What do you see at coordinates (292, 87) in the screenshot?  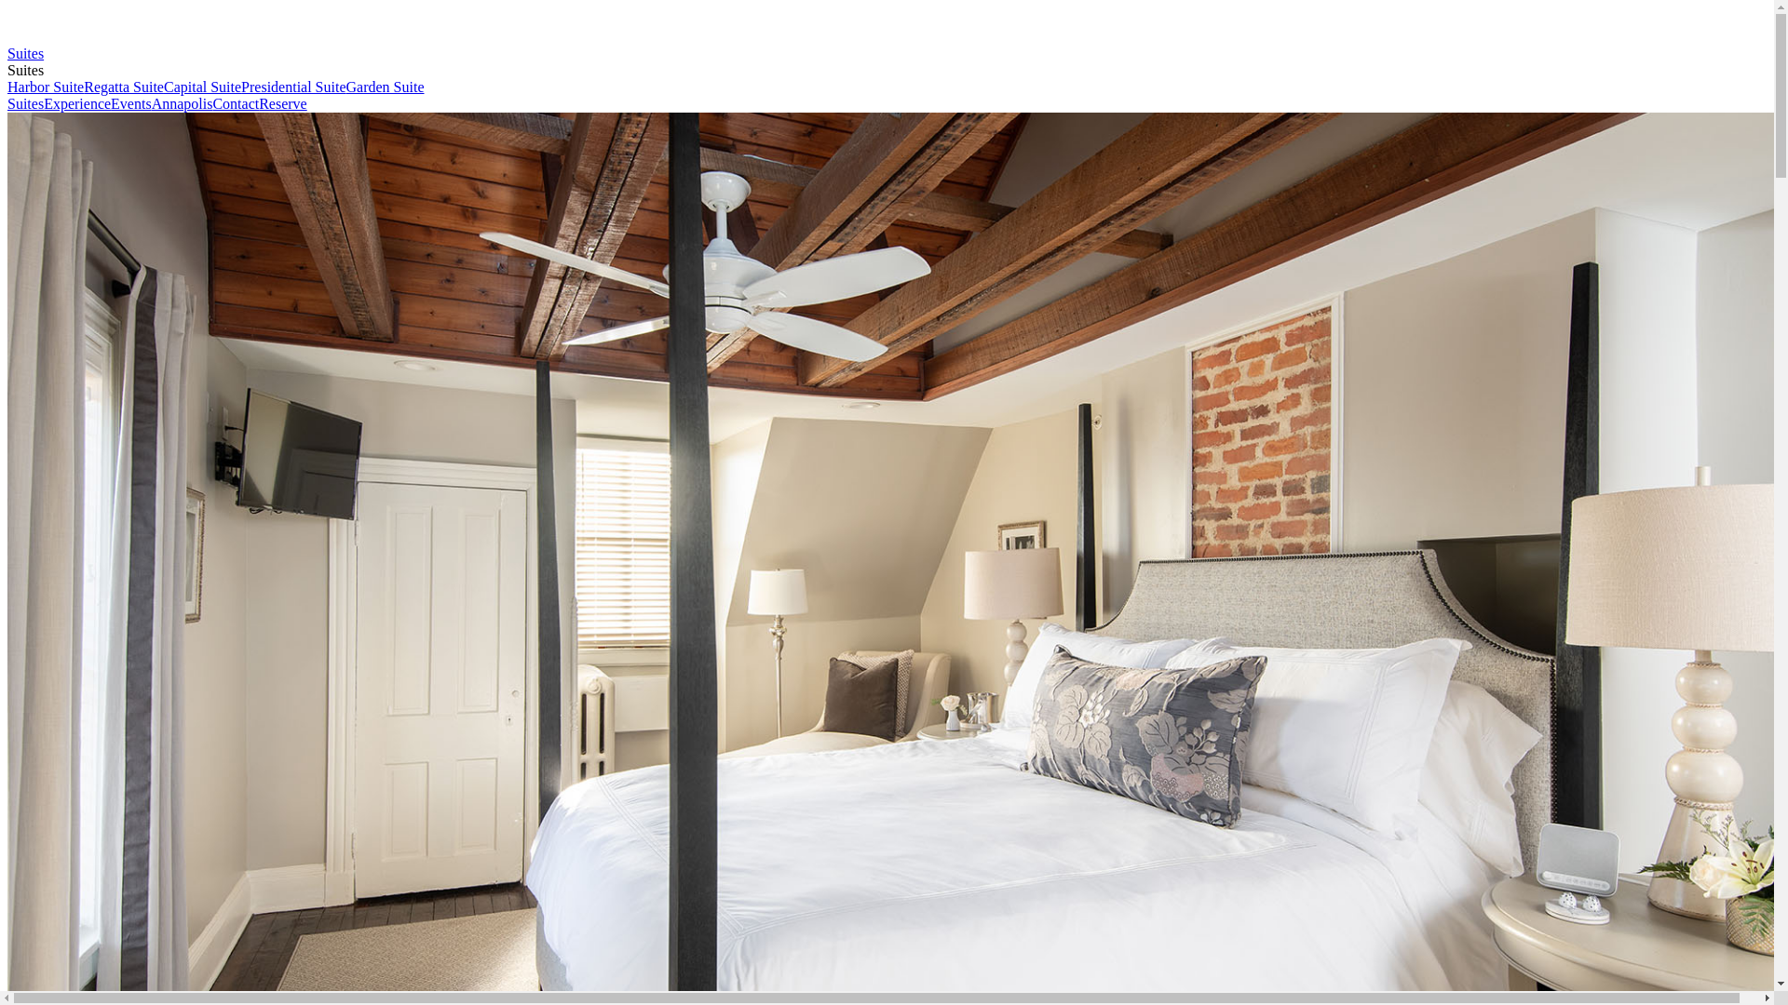 I see `'Presidential Suite'` at bounding box center [292, 87].